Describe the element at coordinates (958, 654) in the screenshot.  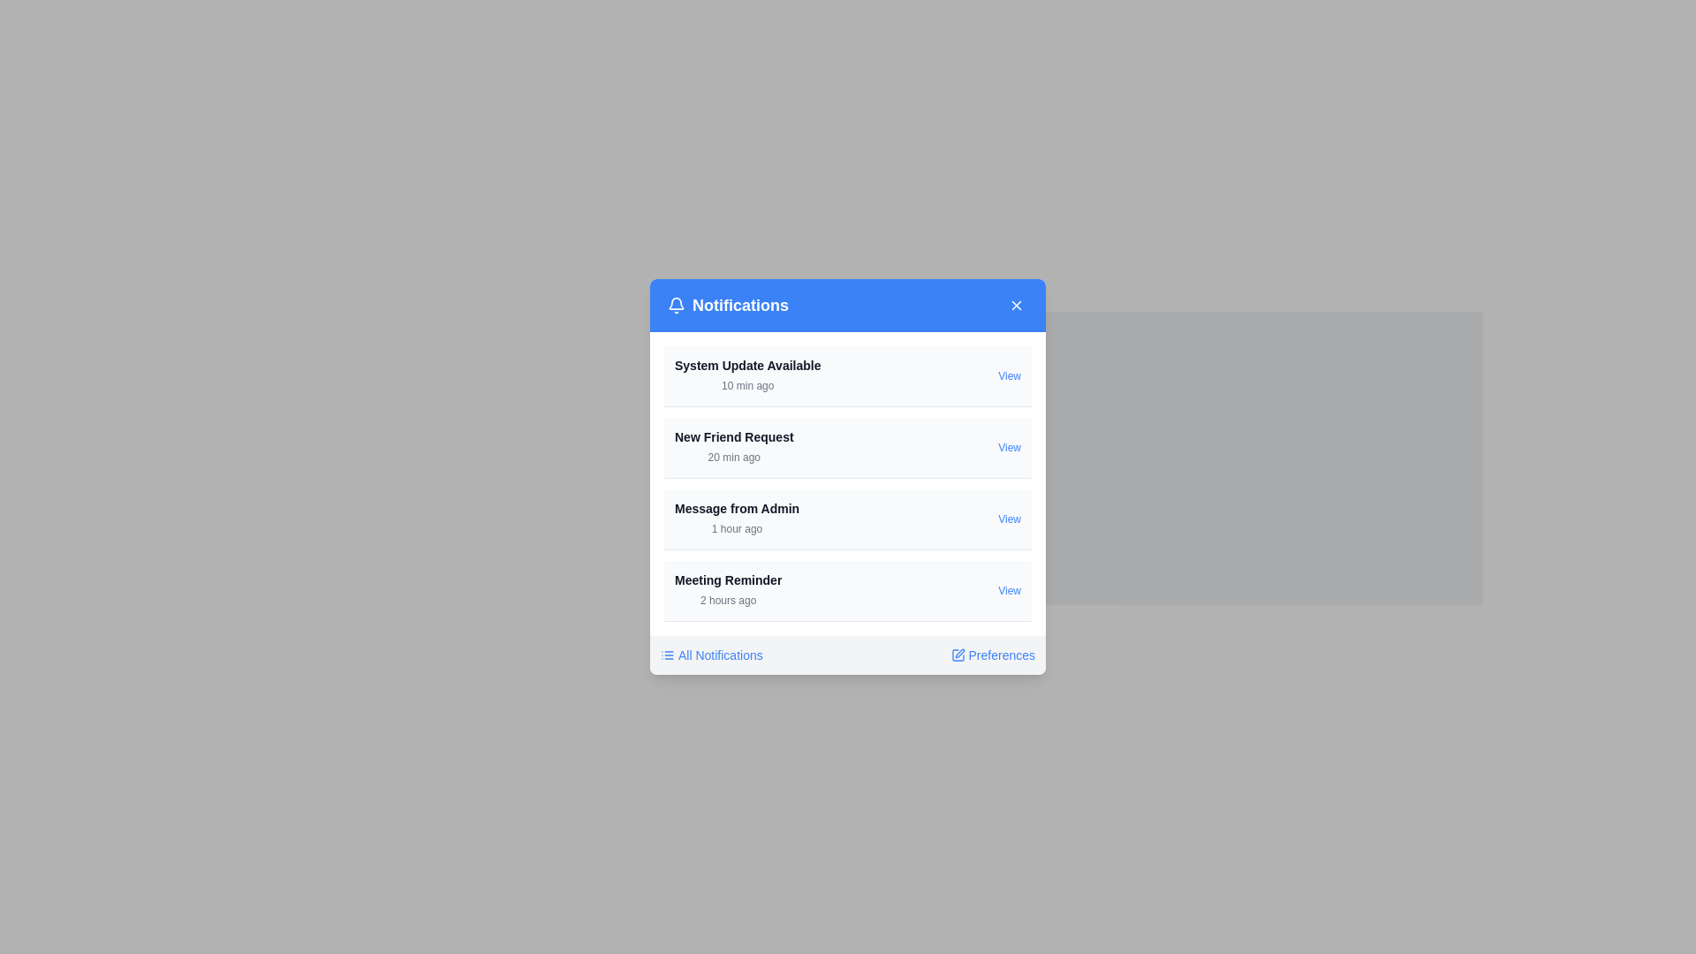
I see `the graphical icon in the 'Preferences' section of the notification dialogue box, located near the bottom right corner` at that location.